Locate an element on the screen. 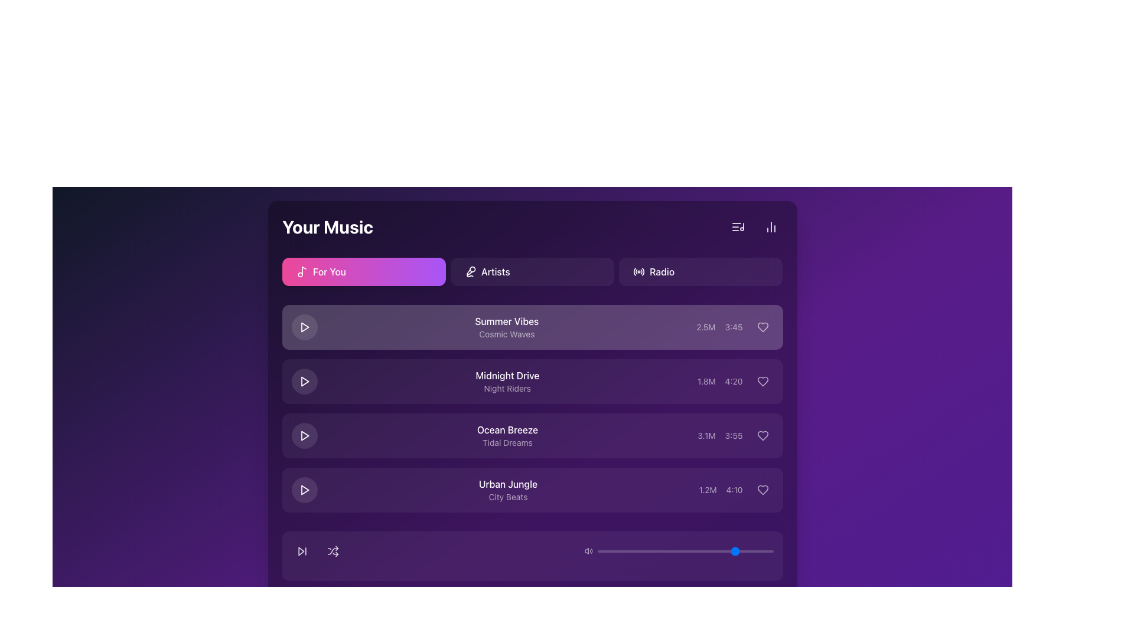 This screenshot has height=637, width=1134. the song title text label located near the top-left corner of the song list section, which is right of the play button icon and above the subtitle 'Cosmic Waves' is located at coordinates (507, 321).